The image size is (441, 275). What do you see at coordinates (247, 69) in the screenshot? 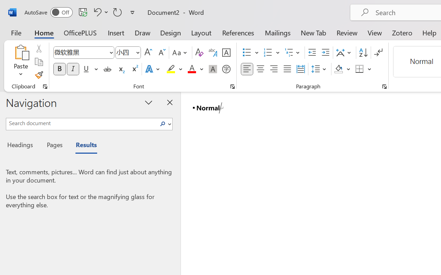
I see `'Align Left'` at bounding box center [247, 69].